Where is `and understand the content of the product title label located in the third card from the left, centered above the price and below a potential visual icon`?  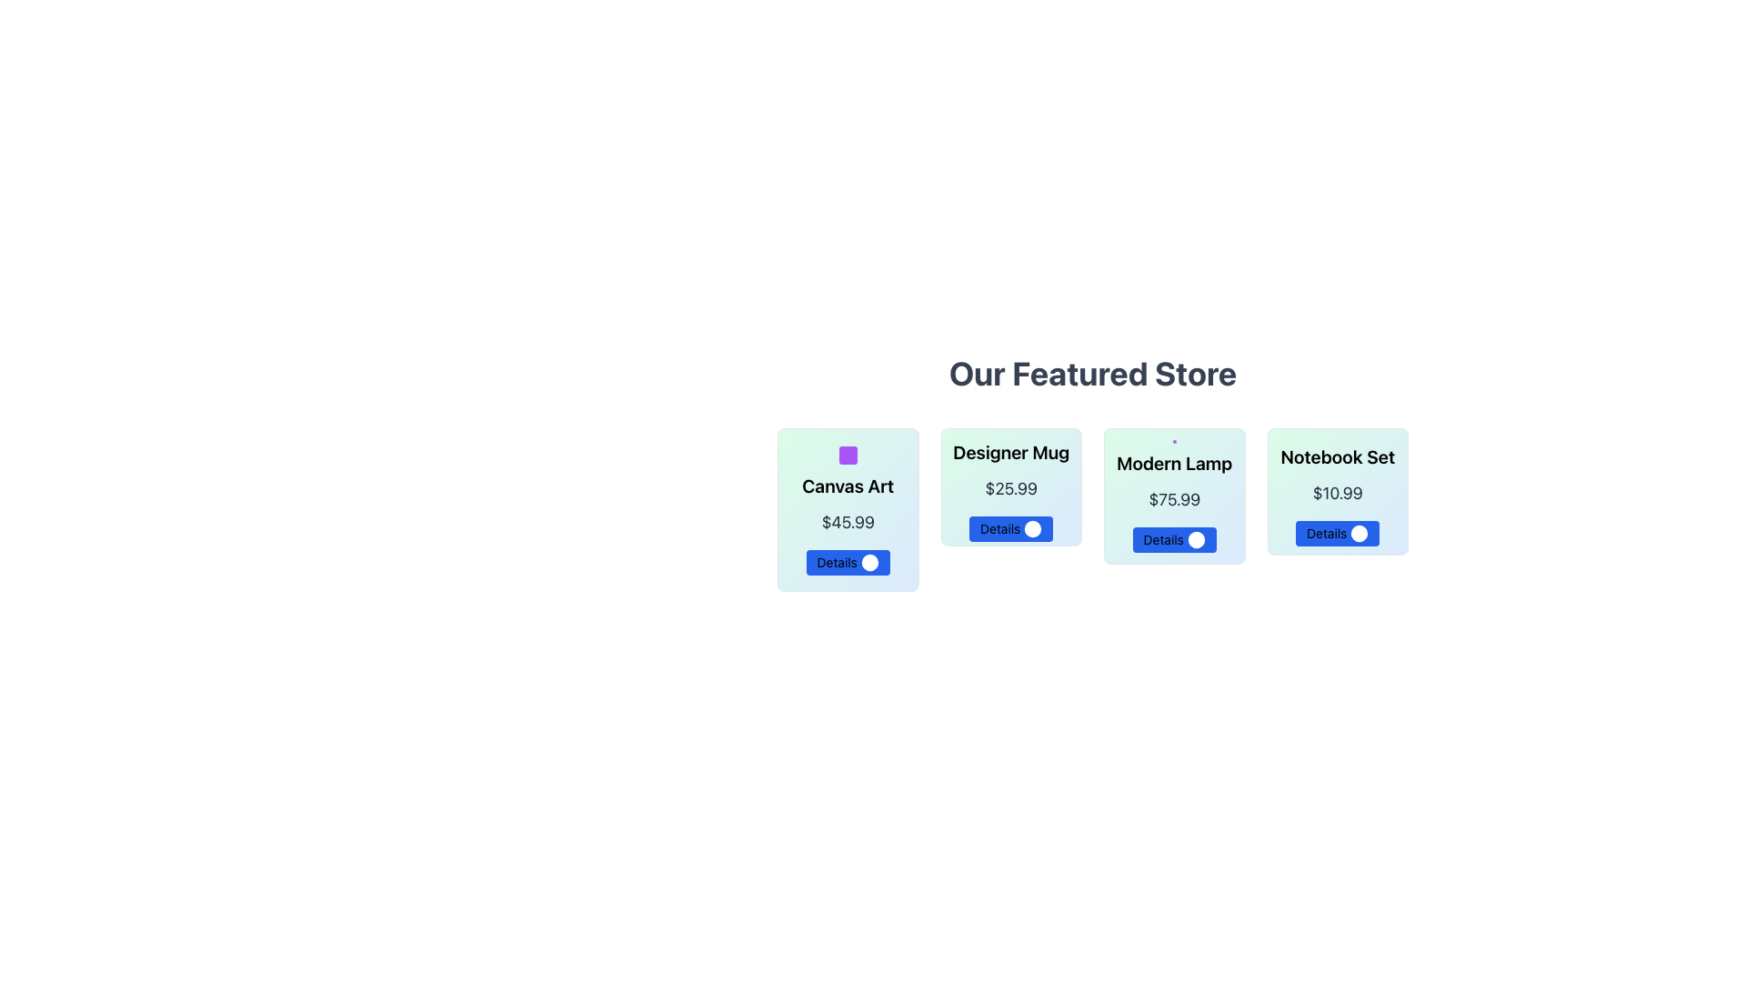 and understand the content of the product title label located in the third card from the left, centered above the price and below a potential visual icon is located at coordinates (1174, 462).